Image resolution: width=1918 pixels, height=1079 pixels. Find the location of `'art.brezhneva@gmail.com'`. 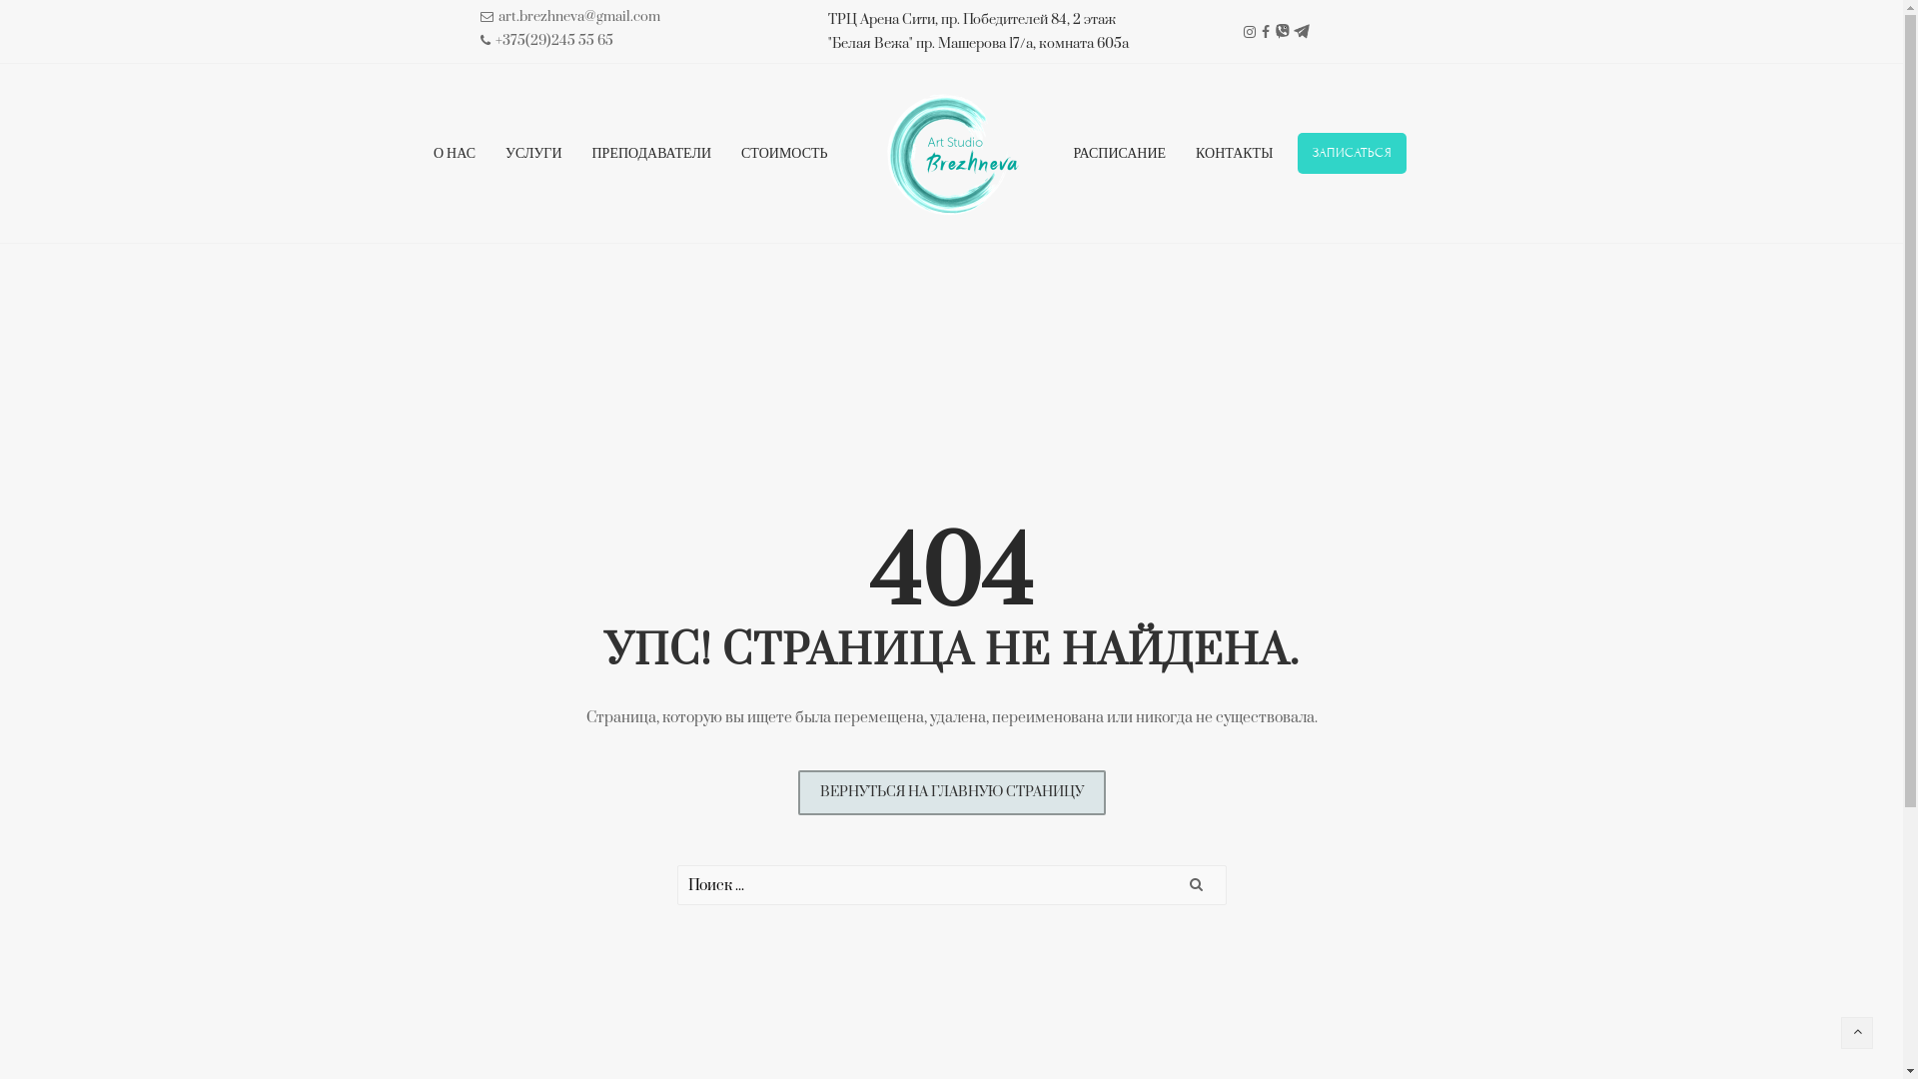

'art.brezhneva@gmail.com' is located at coordinates (569, 16).